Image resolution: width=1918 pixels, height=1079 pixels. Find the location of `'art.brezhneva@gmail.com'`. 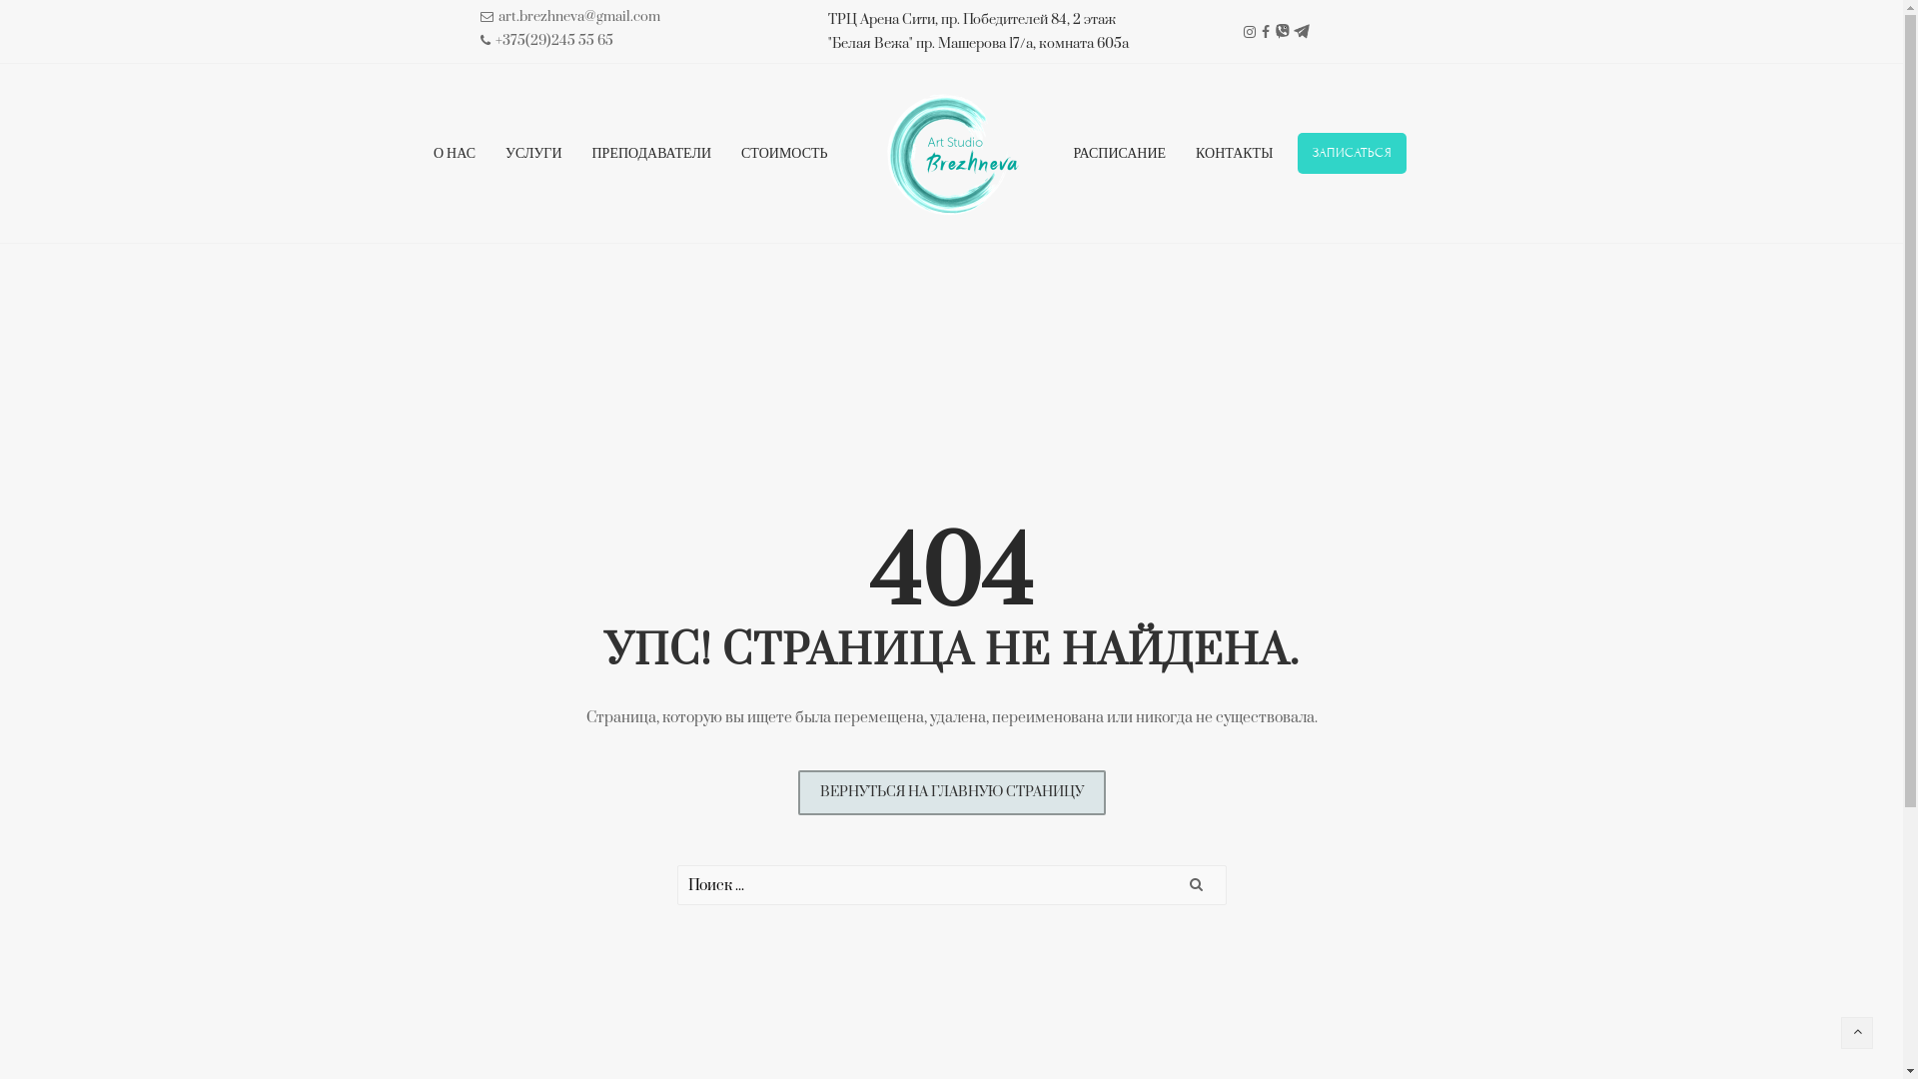

'art.brezhneva@gmail.com' is located at coordinates (569, 16).